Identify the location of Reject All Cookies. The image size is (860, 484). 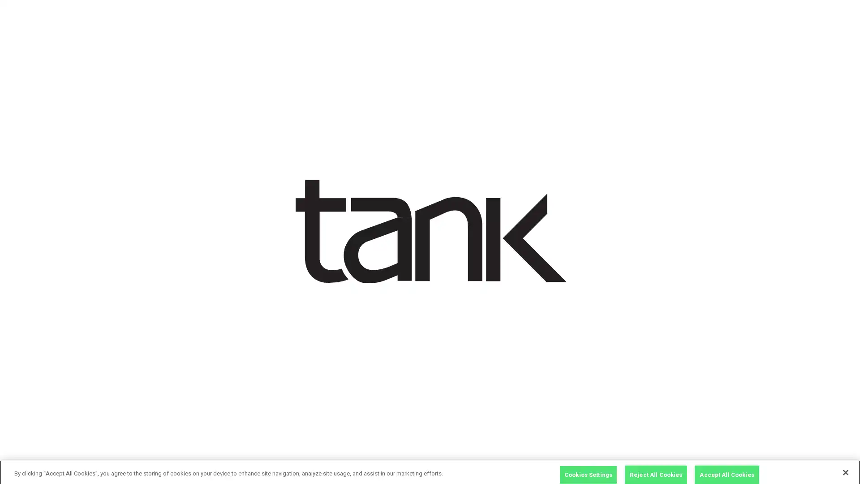
(656, 470).